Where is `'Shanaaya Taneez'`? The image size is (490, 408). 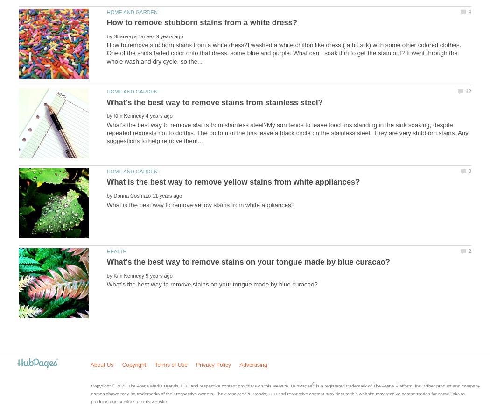
'Shanaaya Taneez' is located at coordinates (113, 35).